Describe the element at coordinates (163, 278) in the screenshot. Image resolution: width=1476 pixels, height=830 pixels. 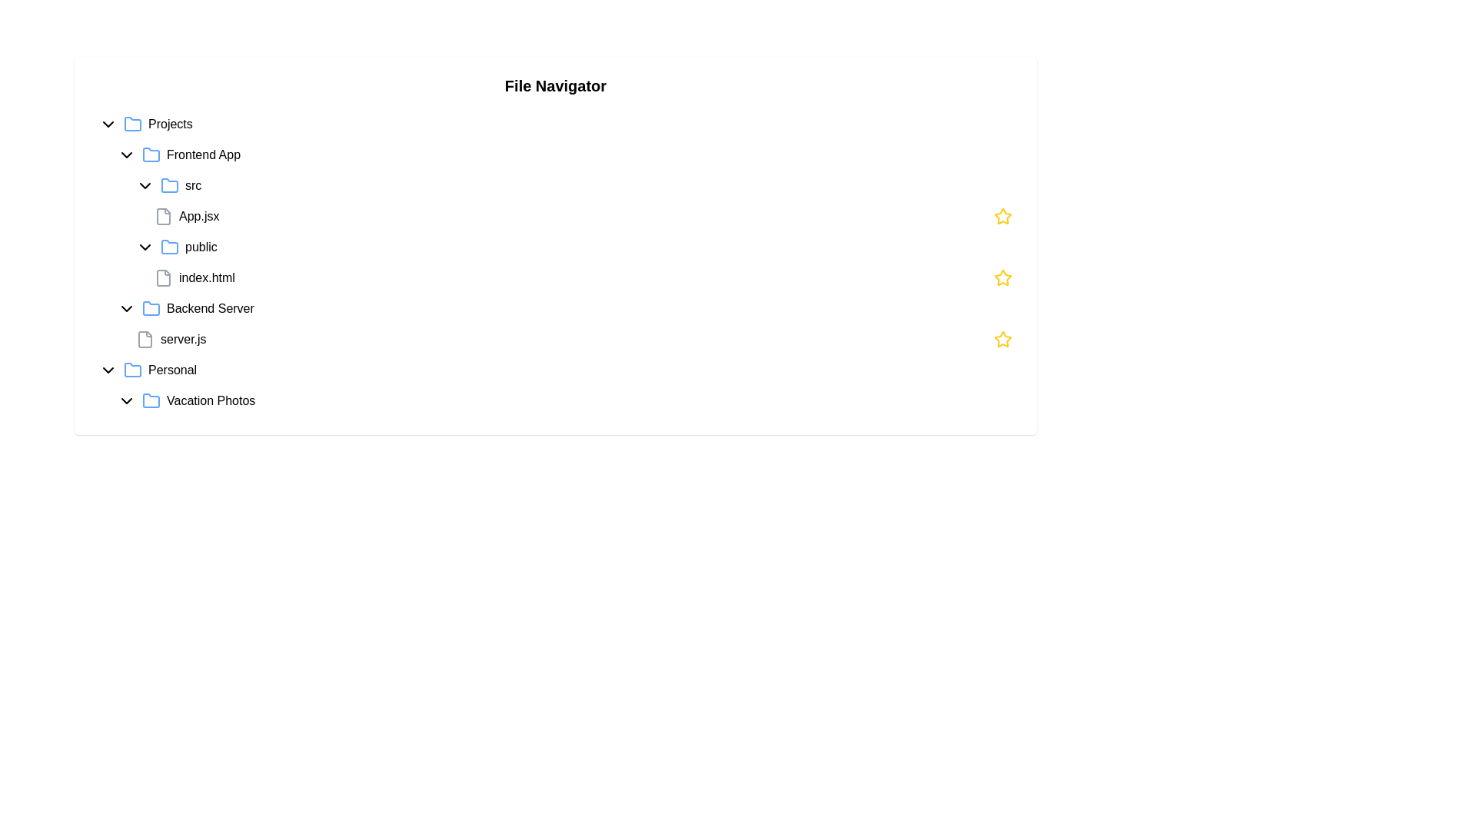
I see `the SVG-based file icon representing 'index.html' in the file navigation system, located under the 'public' folder` at that location.